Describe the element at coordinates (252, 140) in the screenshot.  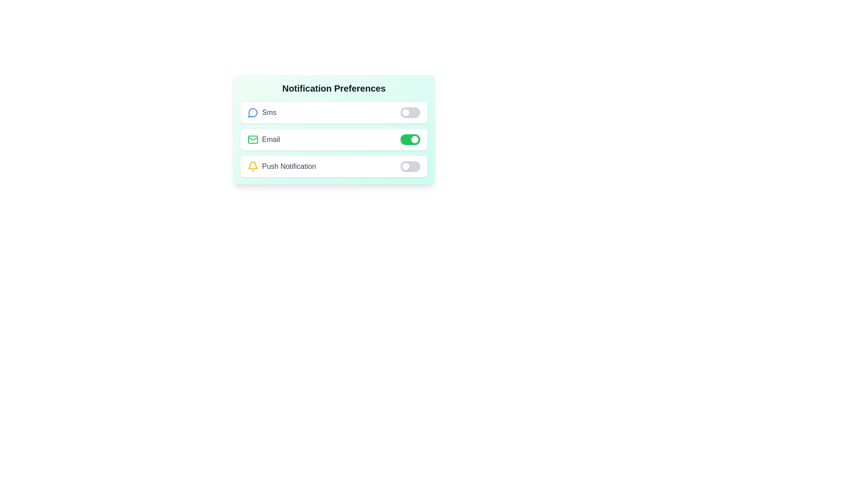
I see `the rectangular base graphical component of the mail icon within the Email notification option in the Notification Preferences card` at that location.